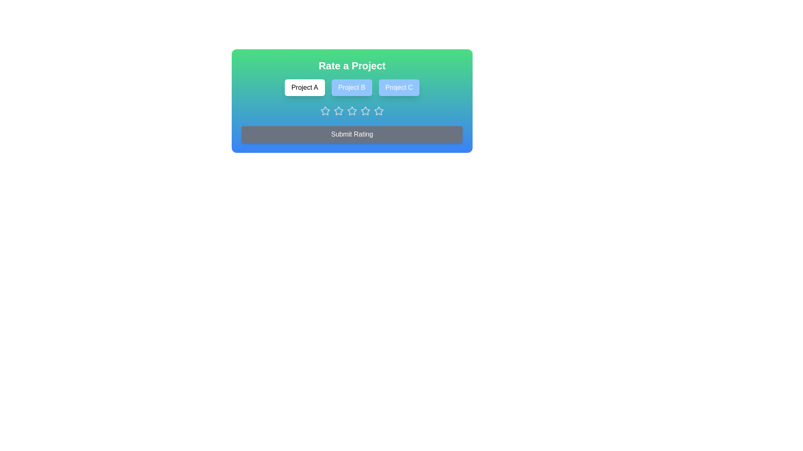 The height and width of the screenshot is (451, 803). What do you see at coordinates (352, 87) in the screenshot?
I see `the project Project B from the list` at bounding box center [352, 87].